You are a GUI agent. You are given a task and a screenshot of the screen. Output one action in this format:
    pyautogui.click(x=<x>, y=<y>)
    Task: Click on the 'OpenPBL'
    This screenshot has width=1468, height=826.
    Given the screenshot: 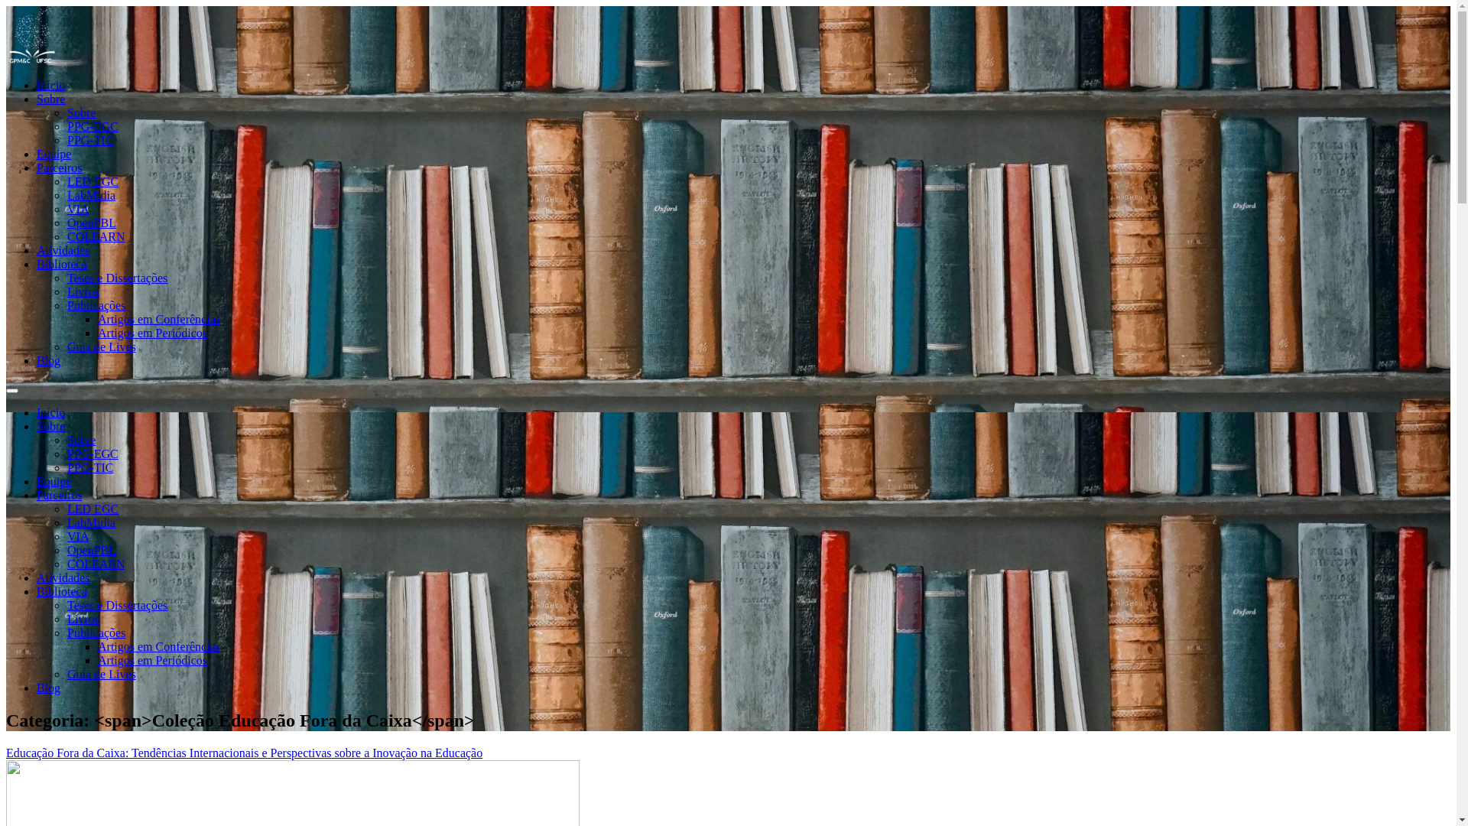 What is the action you would take?
    pyautogui.click(x=91, y=549)
    